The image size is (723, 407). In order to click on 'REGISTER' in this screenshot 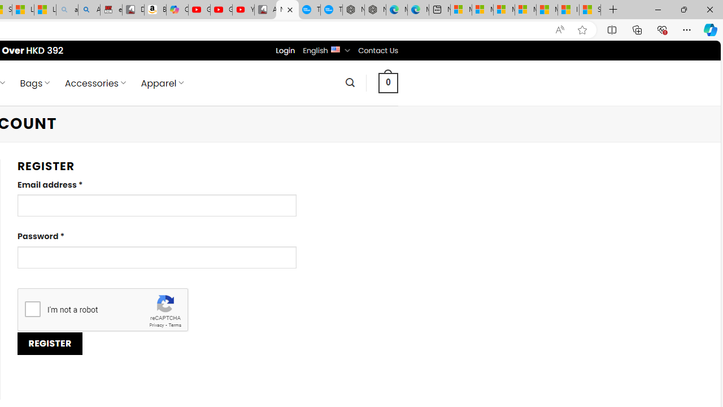, I will do `click(49, 343)`.